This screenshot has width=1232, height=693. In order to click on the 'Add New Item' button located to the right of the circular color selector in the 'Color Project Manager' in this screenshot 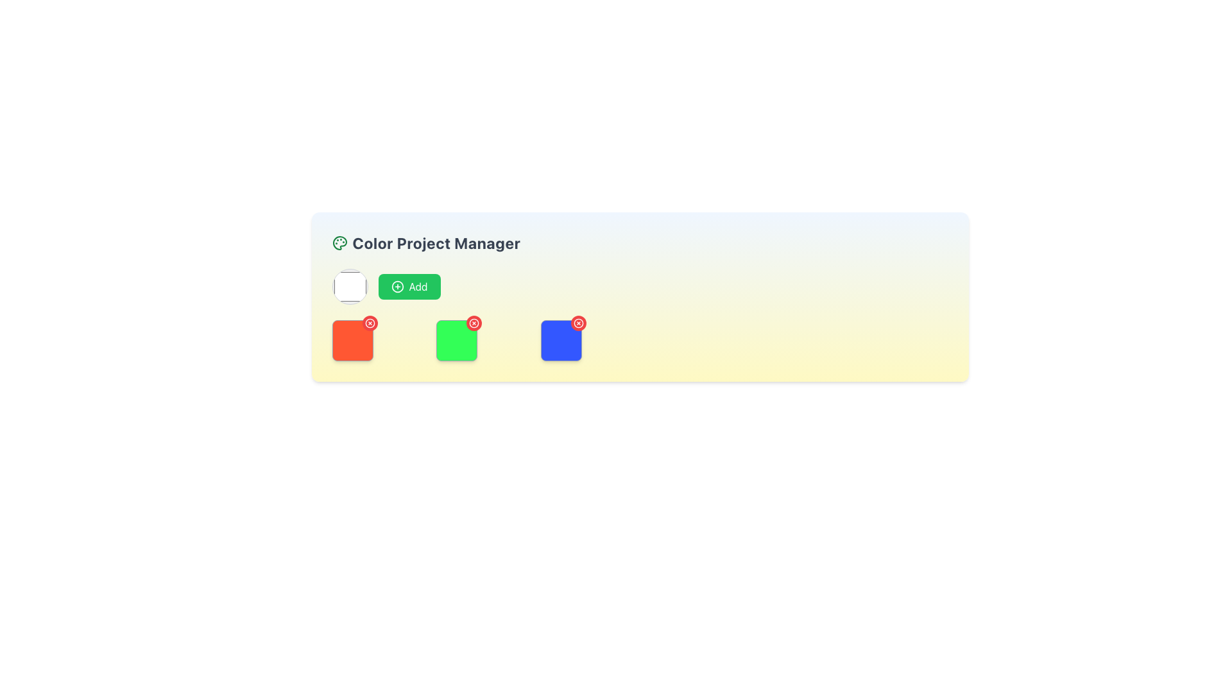, I will do `click(409, 286)`.